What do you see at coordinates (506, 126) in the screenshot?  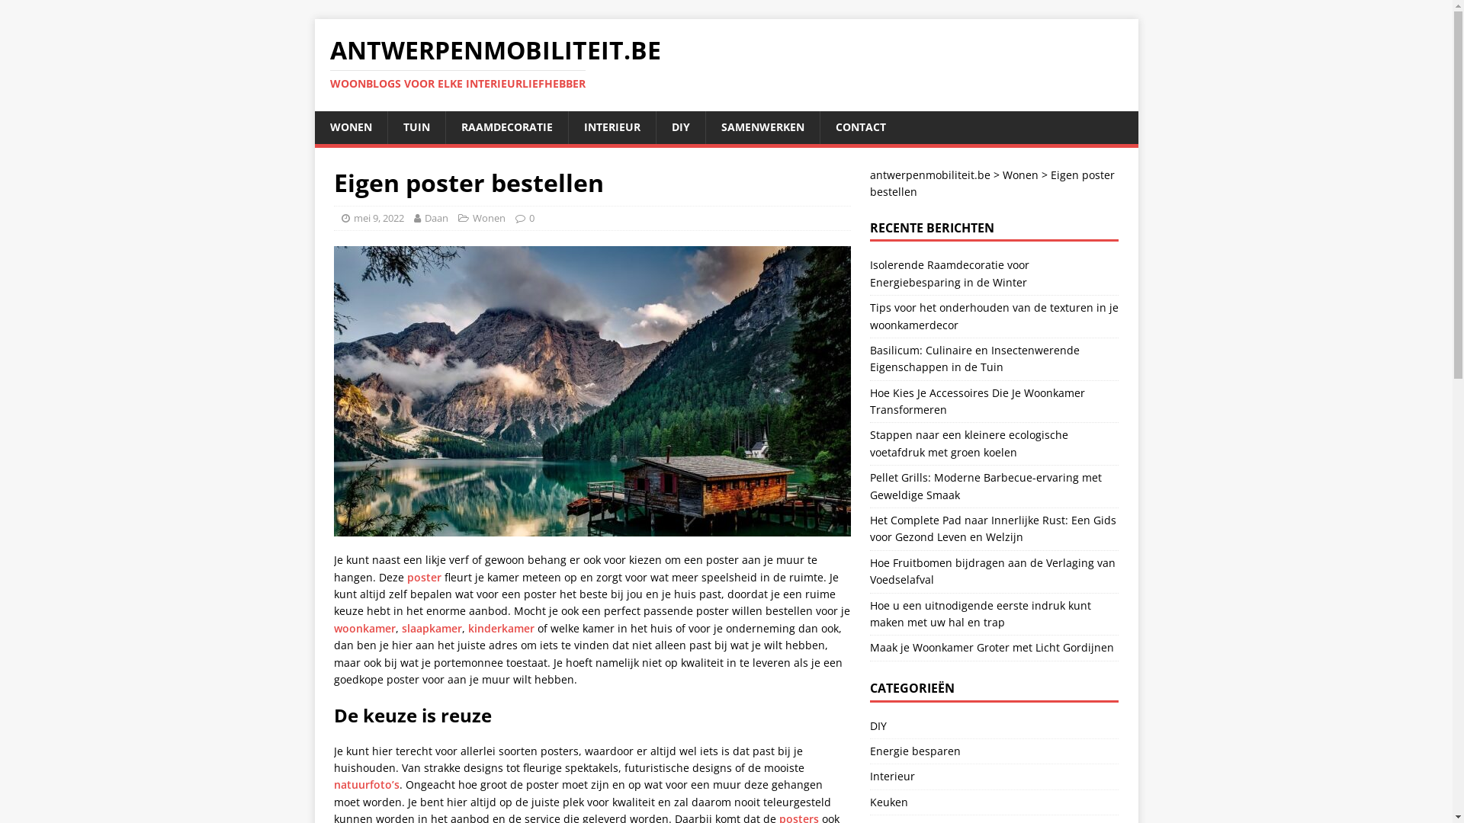 I see `'RAAMDECORATIE'` at bounding box center [506, 126].